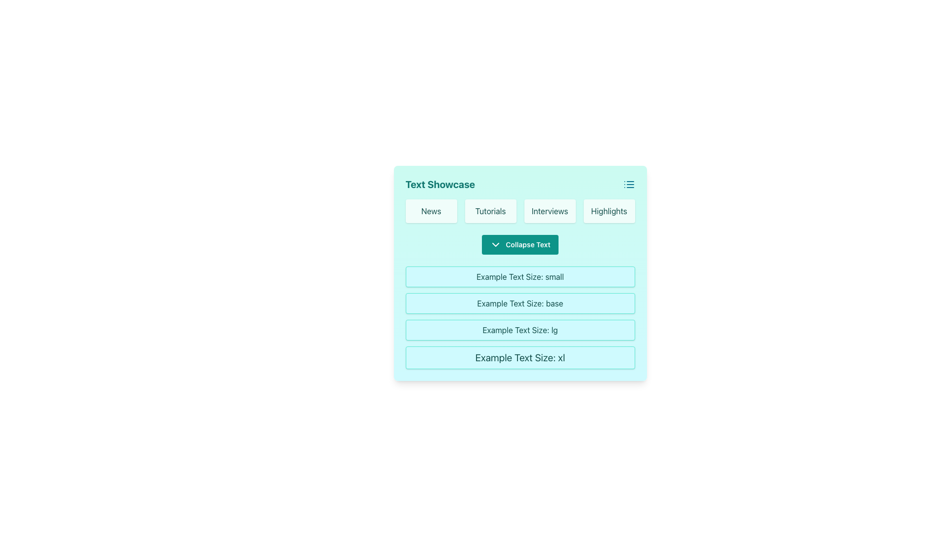 Image resolution: width=949 pixels, height=533 pixels. What do you see at coordinates (628, 185) in the screenshot?
I see `the cyan icon button resembling a list located at the top right corner of the 'Text Showcase' section for additional information` at bounding box center [628, 185].